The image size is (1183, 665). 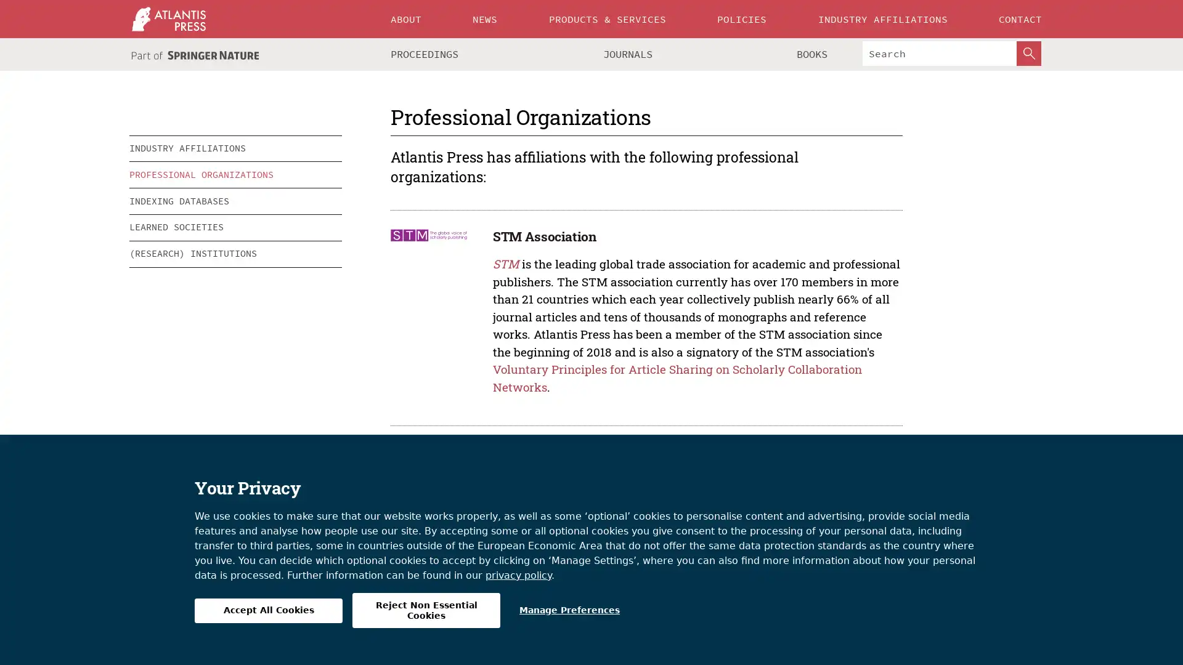 What do you see at coordinates (569, 610) in the screenshot?
I see `Manage Preferences` at bounding box center [569, 610].